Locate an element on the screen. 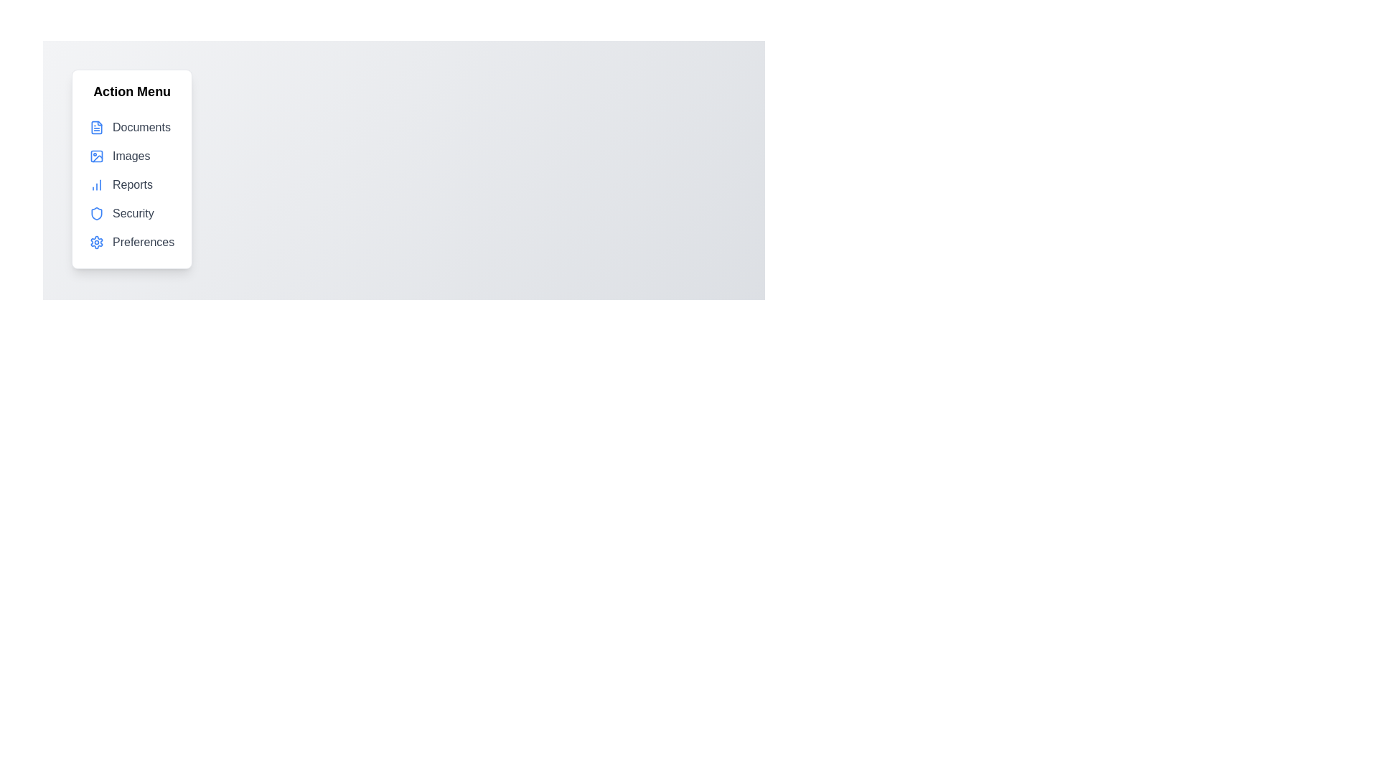  the icon corresponding to Security in the action menu is located at coordinates (95, 213).